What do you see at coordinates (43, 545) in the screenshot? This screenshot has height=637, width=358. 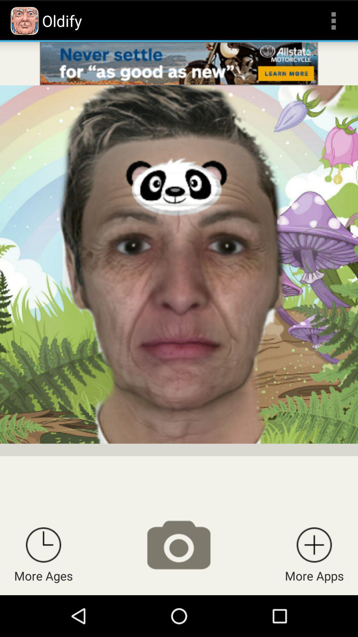 I see `load more age filters` at bounding box center [43, 545].